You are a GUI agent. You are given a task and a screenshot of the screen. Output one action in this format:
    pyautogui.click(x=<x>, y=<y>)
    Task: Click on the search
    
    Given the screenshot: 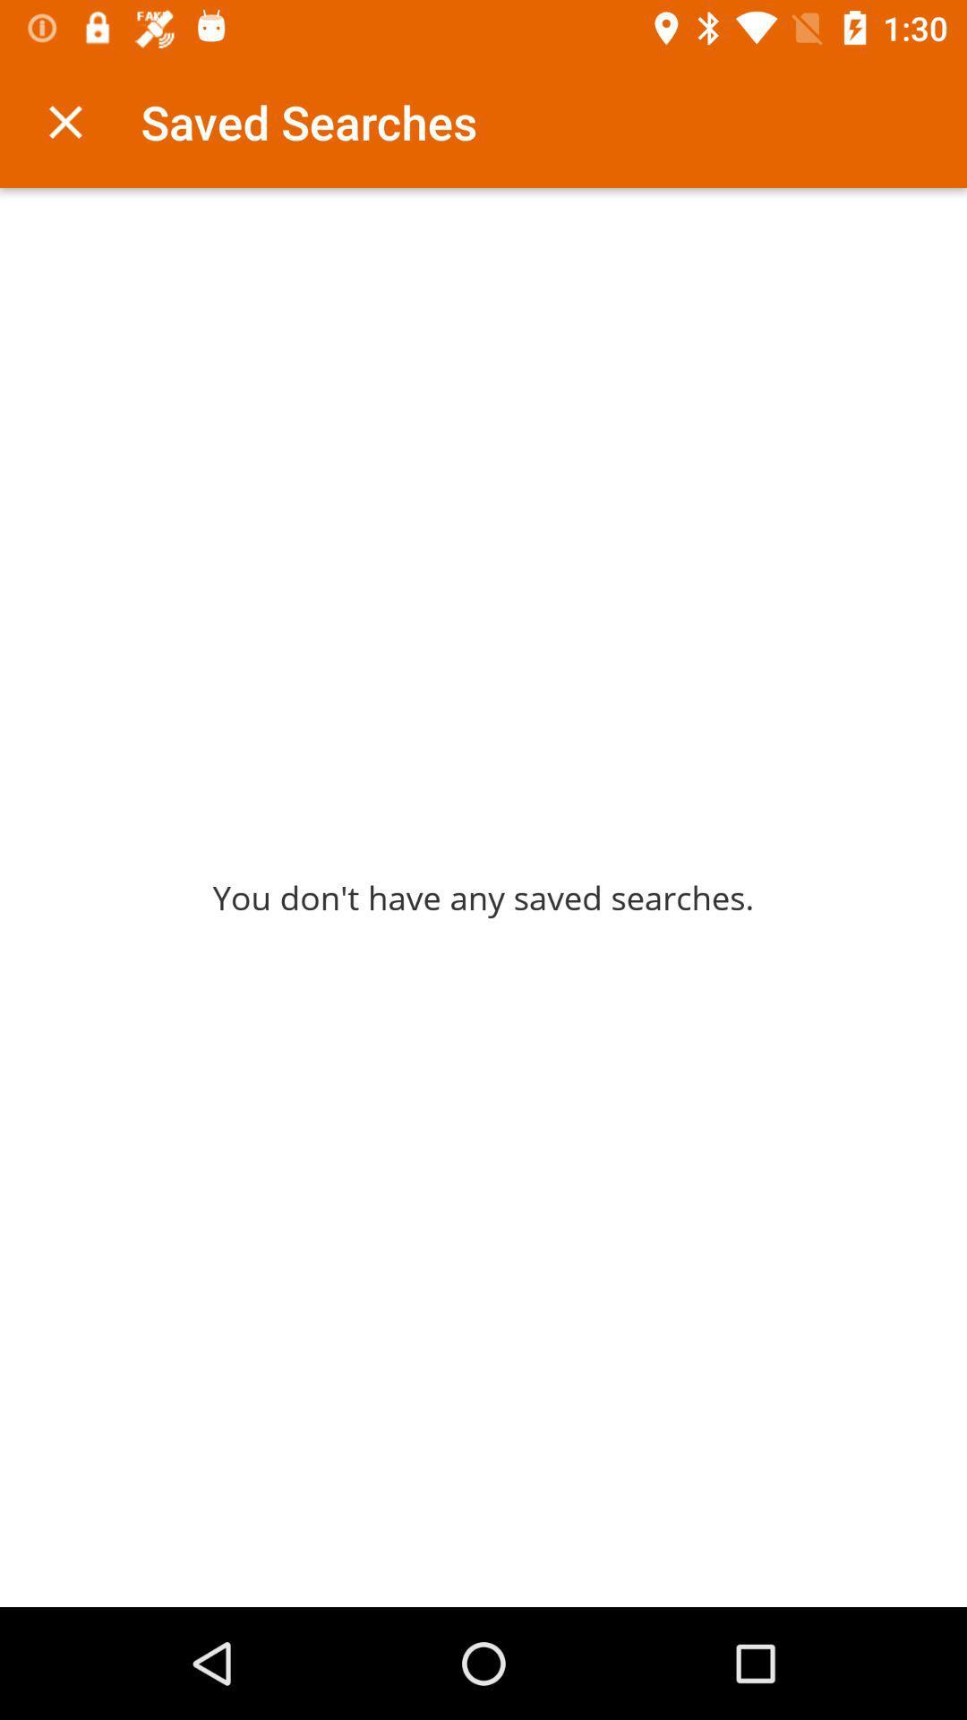 What is the action you would take?
    pyautogui.click(x=64, y=121)
    